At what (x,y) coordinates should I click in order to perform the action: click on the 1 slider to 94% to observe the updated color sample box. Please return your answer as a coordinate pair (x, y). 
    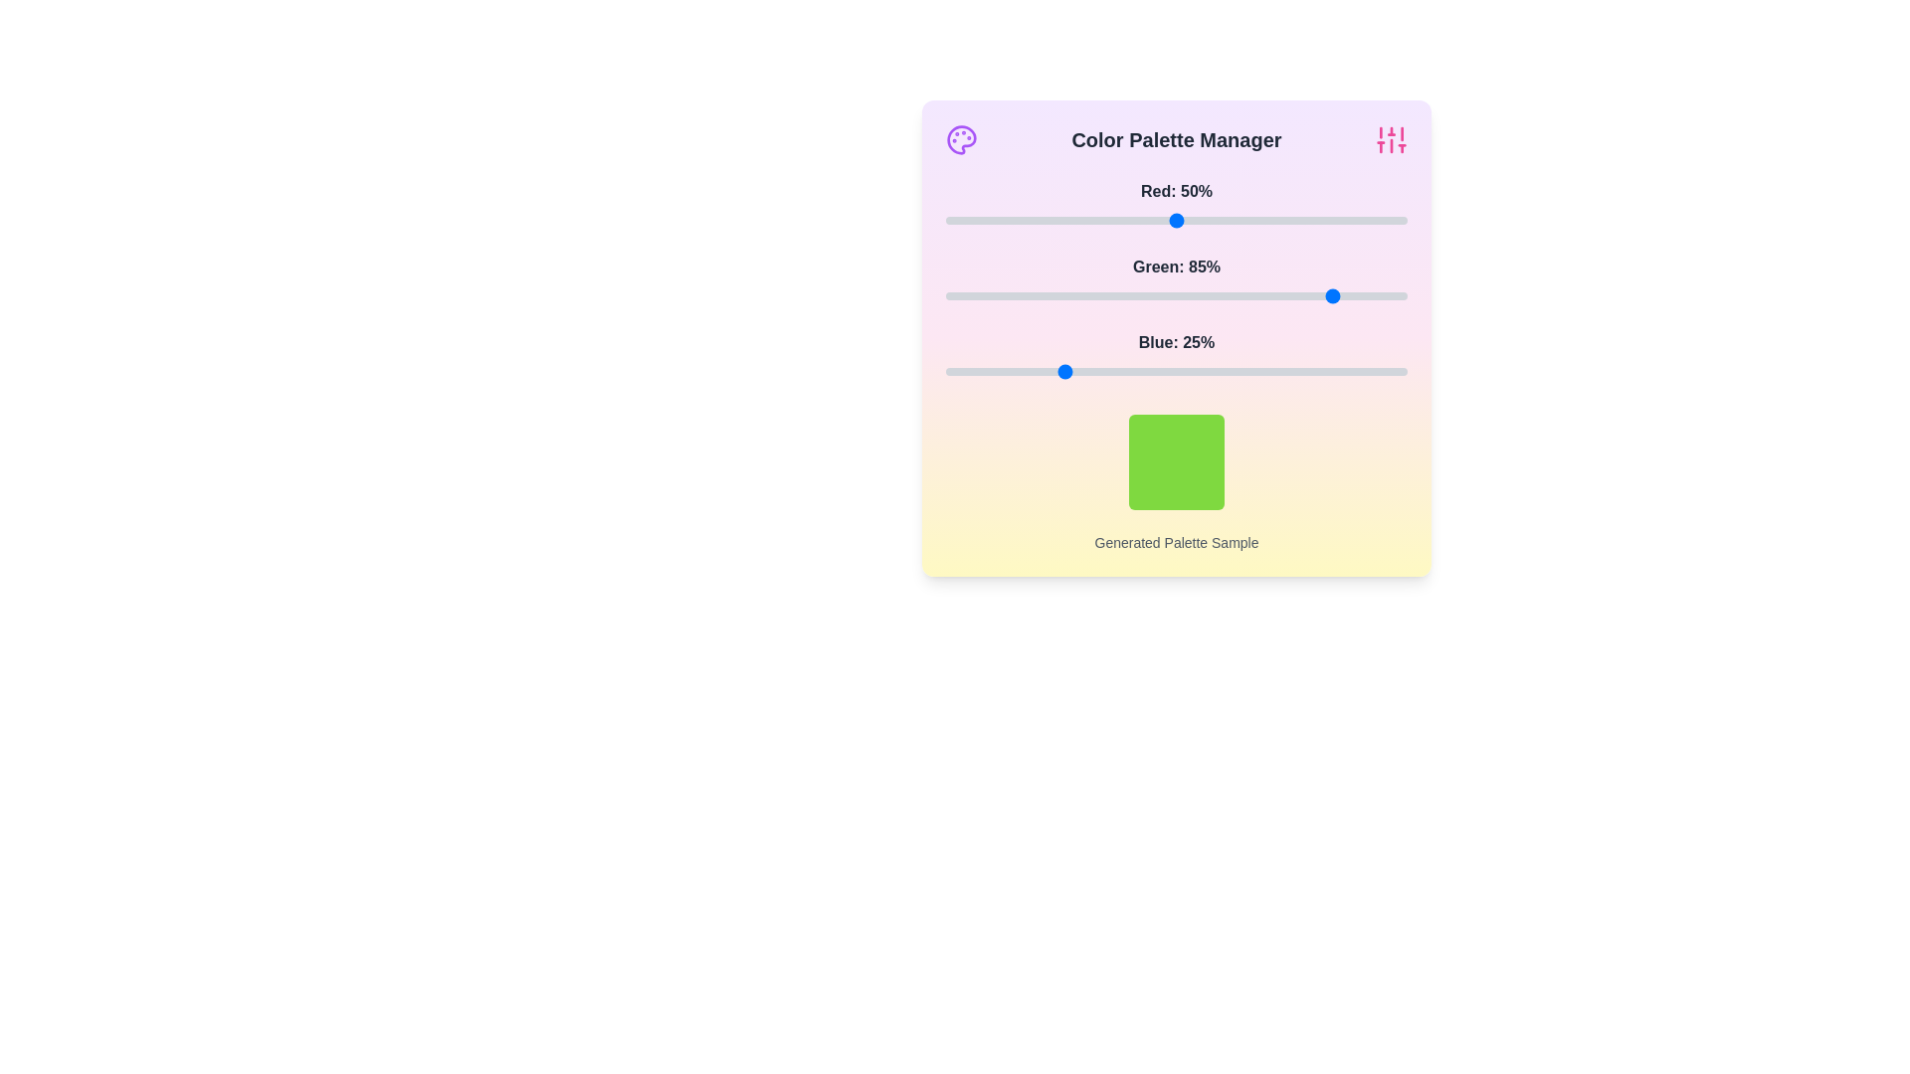
    Looking at the image, I should click on (1379, 295).